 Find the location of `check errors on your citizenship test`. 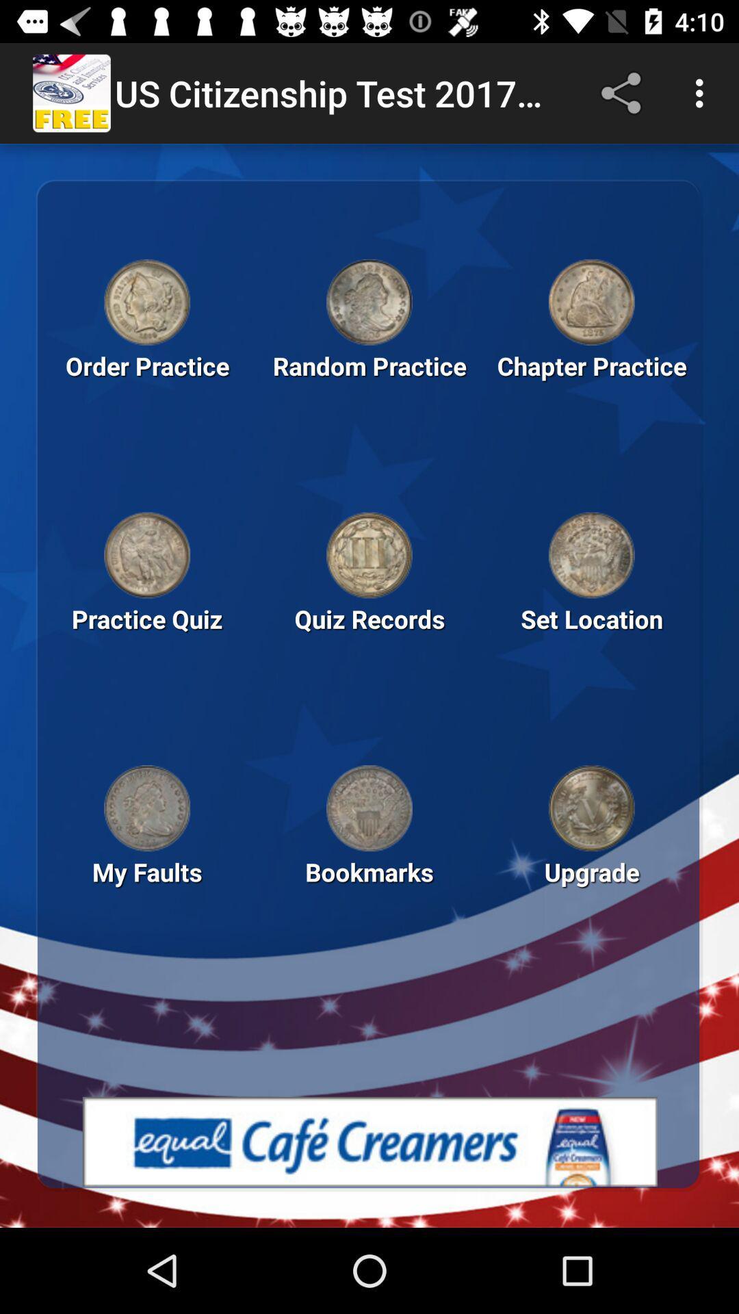

check errors on your citizenship test is located at coordinates (147, 808).